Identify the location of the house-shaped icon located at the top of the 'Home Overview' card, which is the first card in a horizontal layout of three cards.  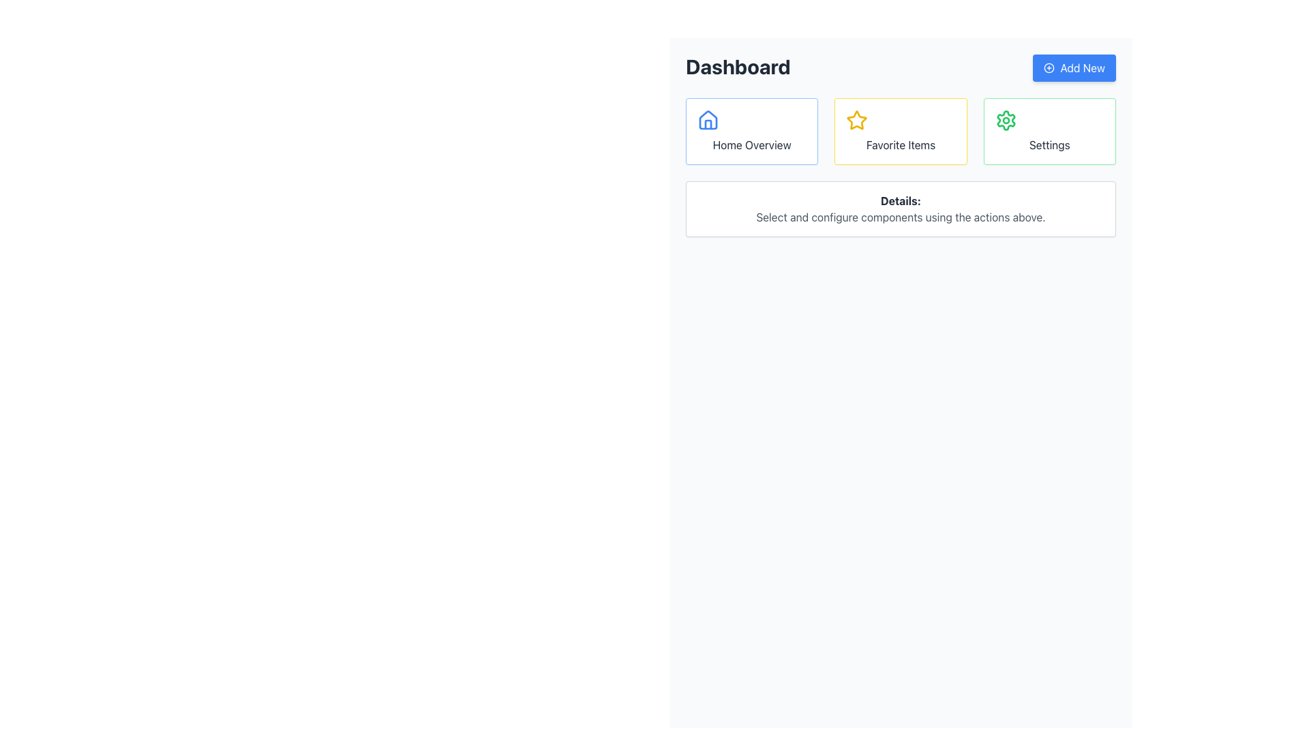
(708, 120).